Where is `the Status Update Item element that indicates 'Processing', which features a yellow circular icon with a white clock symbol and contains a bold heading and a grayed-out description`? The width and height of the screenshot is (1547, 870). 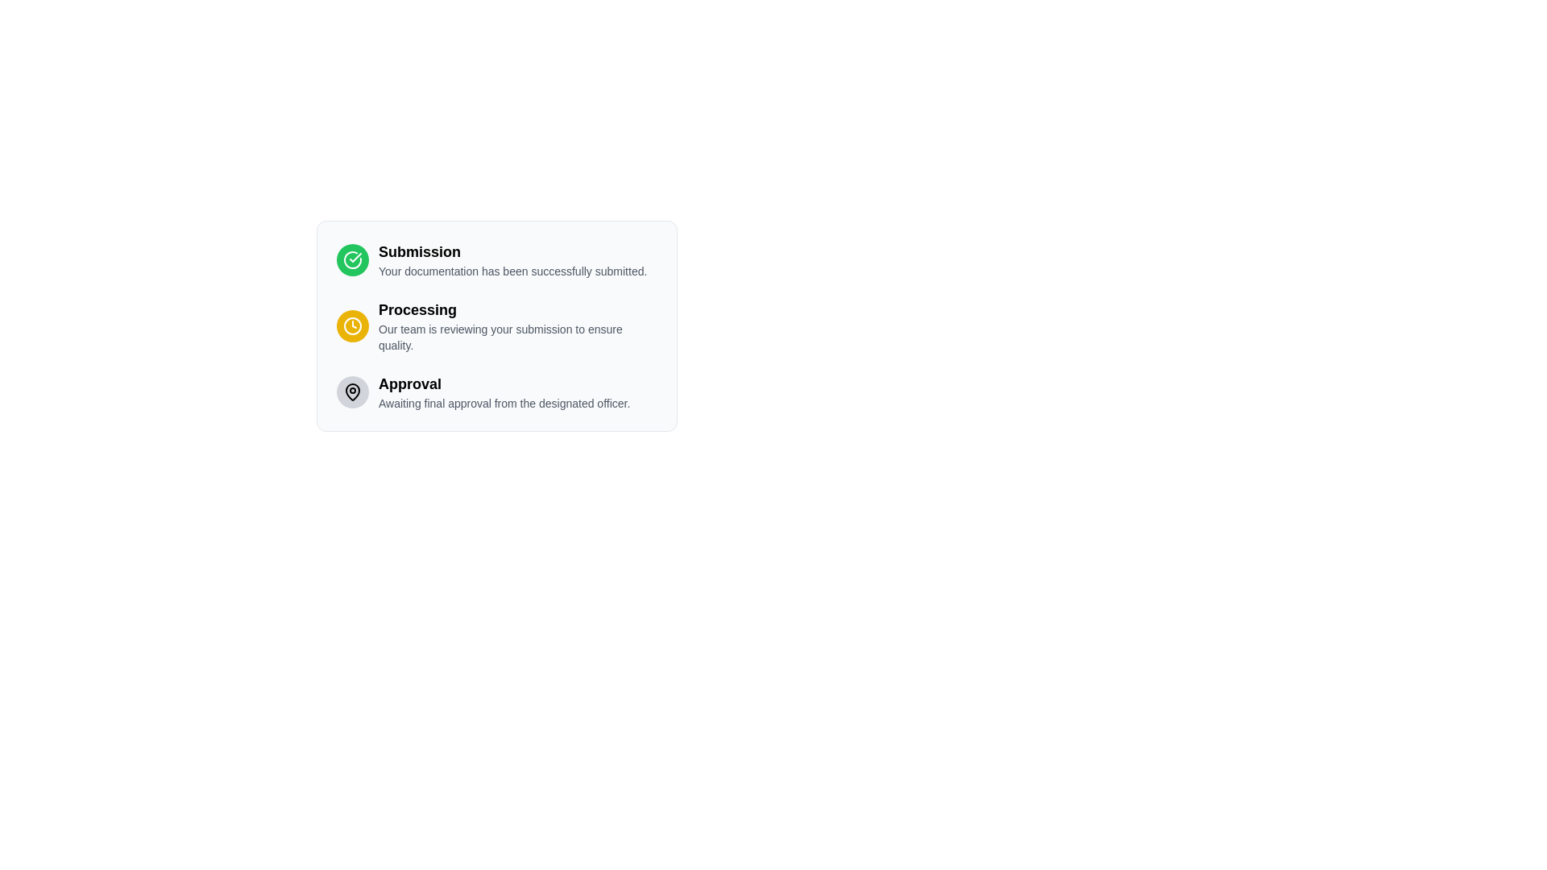
the Status Update Item element that indicates 'Processing', which features a yellow circular icon with a white clock symbol and contains a bold heading and a grayed-out description is located at coordinates (496, 326).